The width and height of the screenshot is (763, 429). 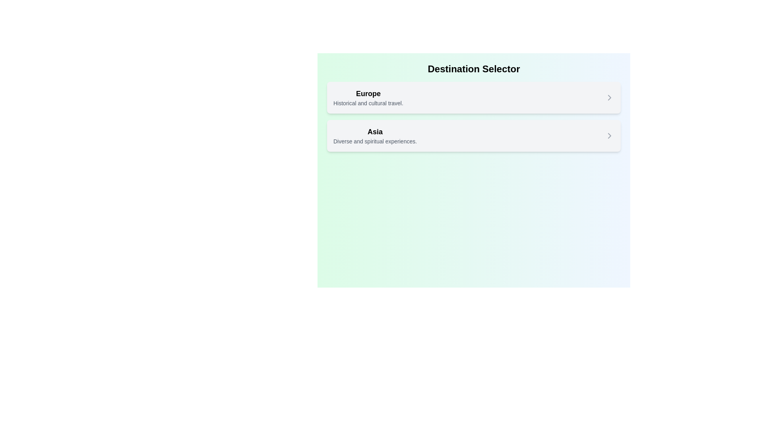 I want to click on the right-facing gray chevron icon located at the end of the text content in the 'Europe Historical and cultural travel' card, so click(x=609, y=97).